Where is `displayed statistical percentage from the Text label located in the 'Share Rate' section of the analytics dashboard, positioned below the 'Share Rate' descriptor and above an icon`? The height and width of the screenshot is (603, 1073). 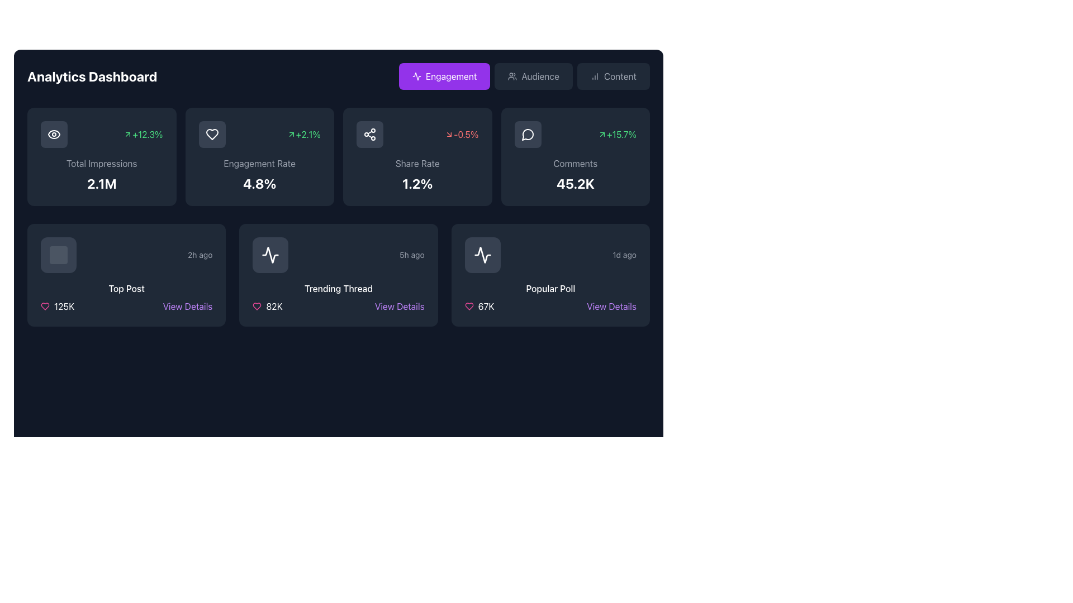 displayed statistical percentage from the Text label located in the 'Share Rate' section of the analytics dashboard, positioned below the 'Share Rate' descriptor and above an icon is located at coordinates (417, 183).